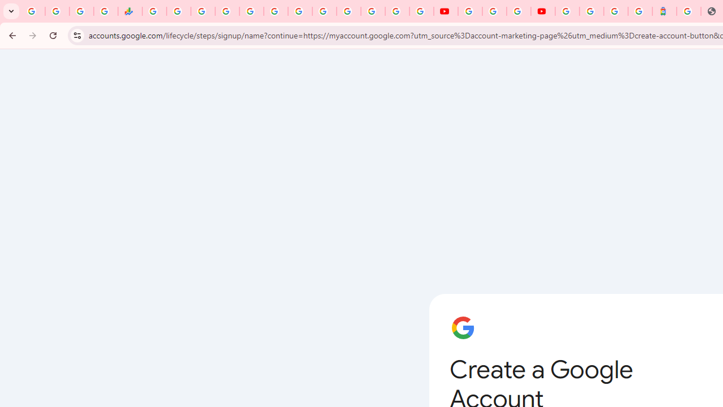 This screenshot has height=407, width=723. I want to click on 'Sign in - Google Accounts', so click(591, 11).